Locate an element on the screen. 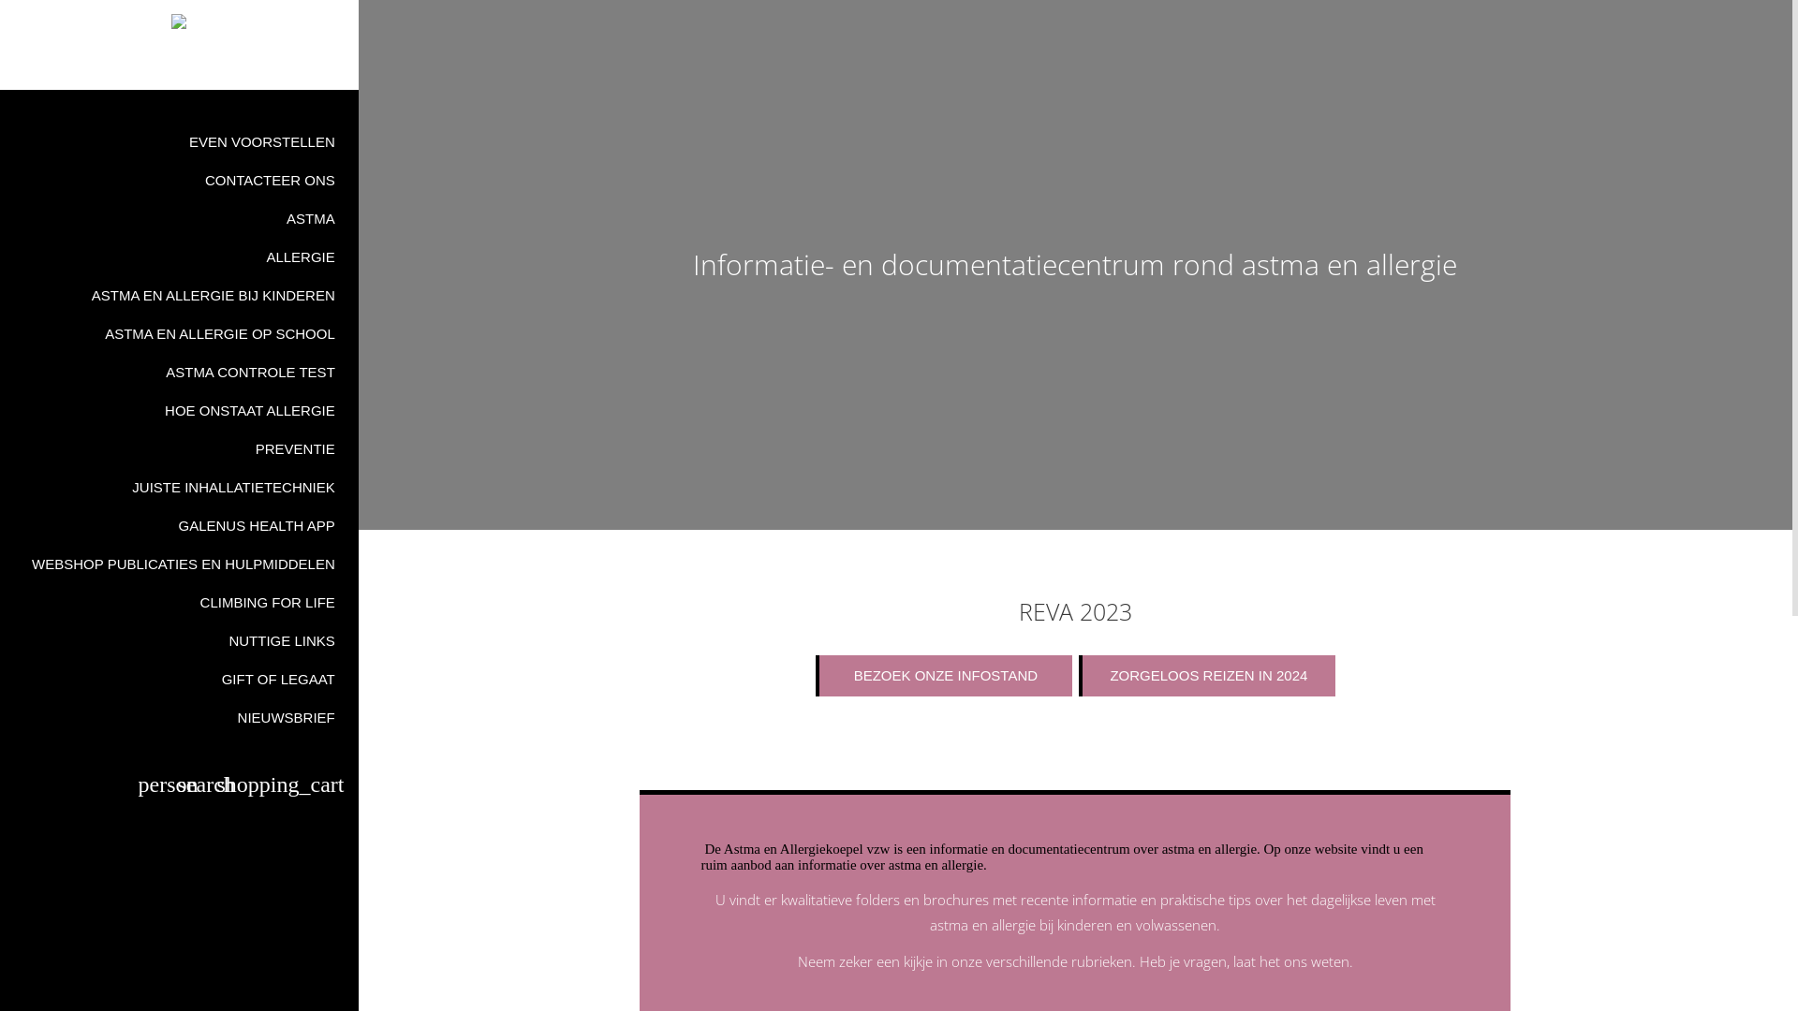 The height and width of the screenshot is (1011, 1798). 'WEBSHOP PUBLICATIES EN HULPMIDDELEN' is located at coordinates (179, 563).